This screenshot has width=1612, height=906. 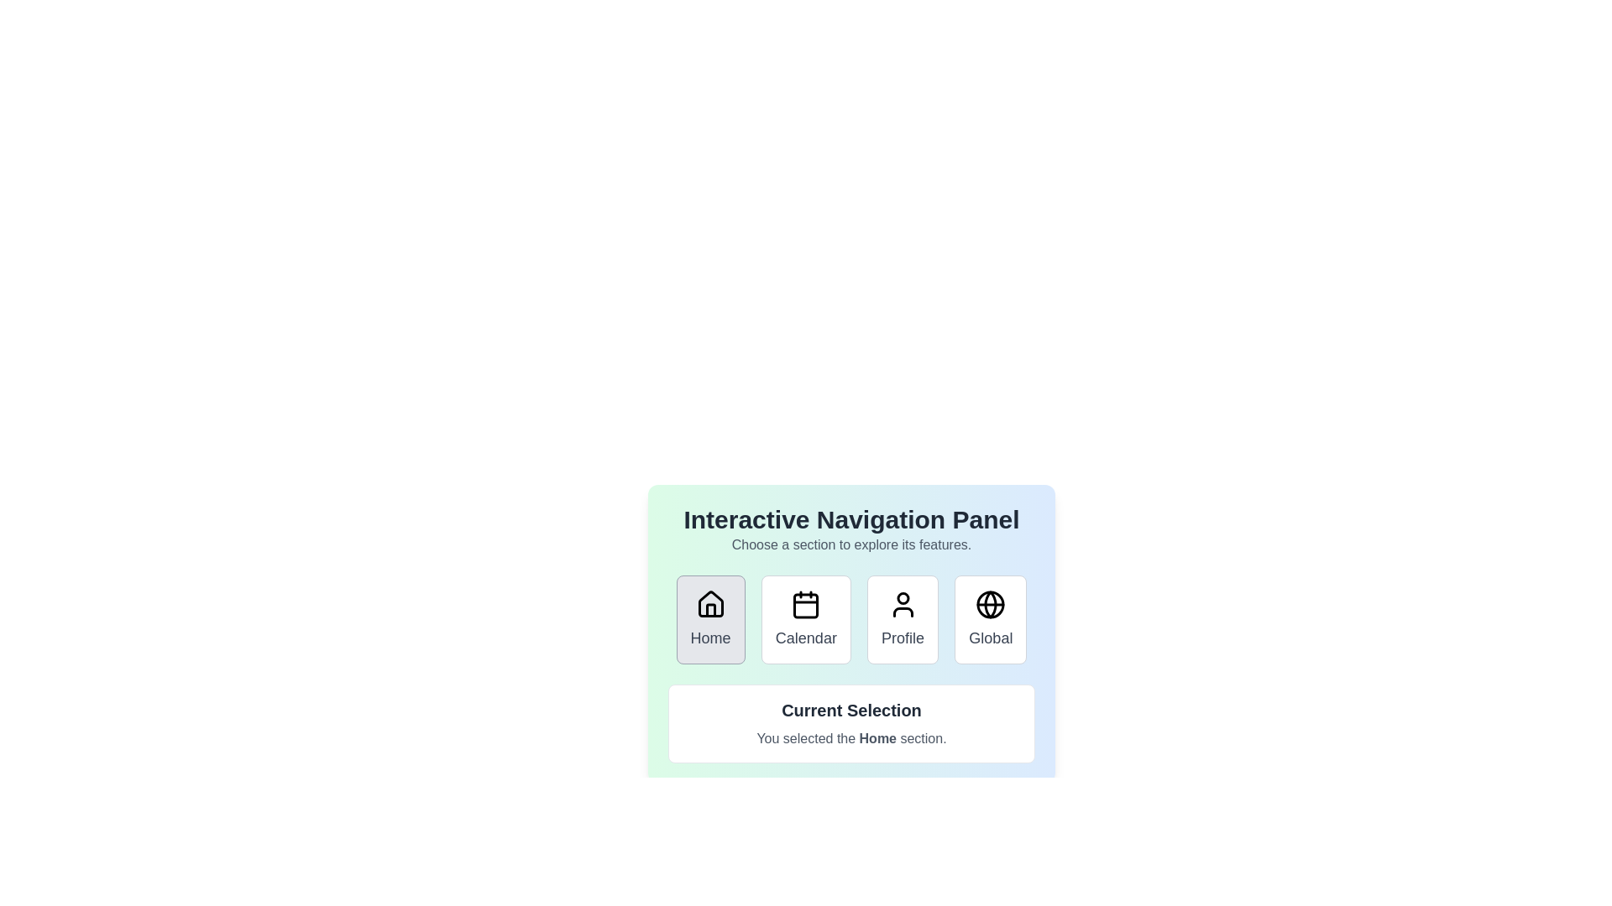 I want to click on the SVG circle graphic that is part of the globe icon located within the 'Global' section button, which is the fourth button from the left in the navigation row, so click(x=991, y=605).